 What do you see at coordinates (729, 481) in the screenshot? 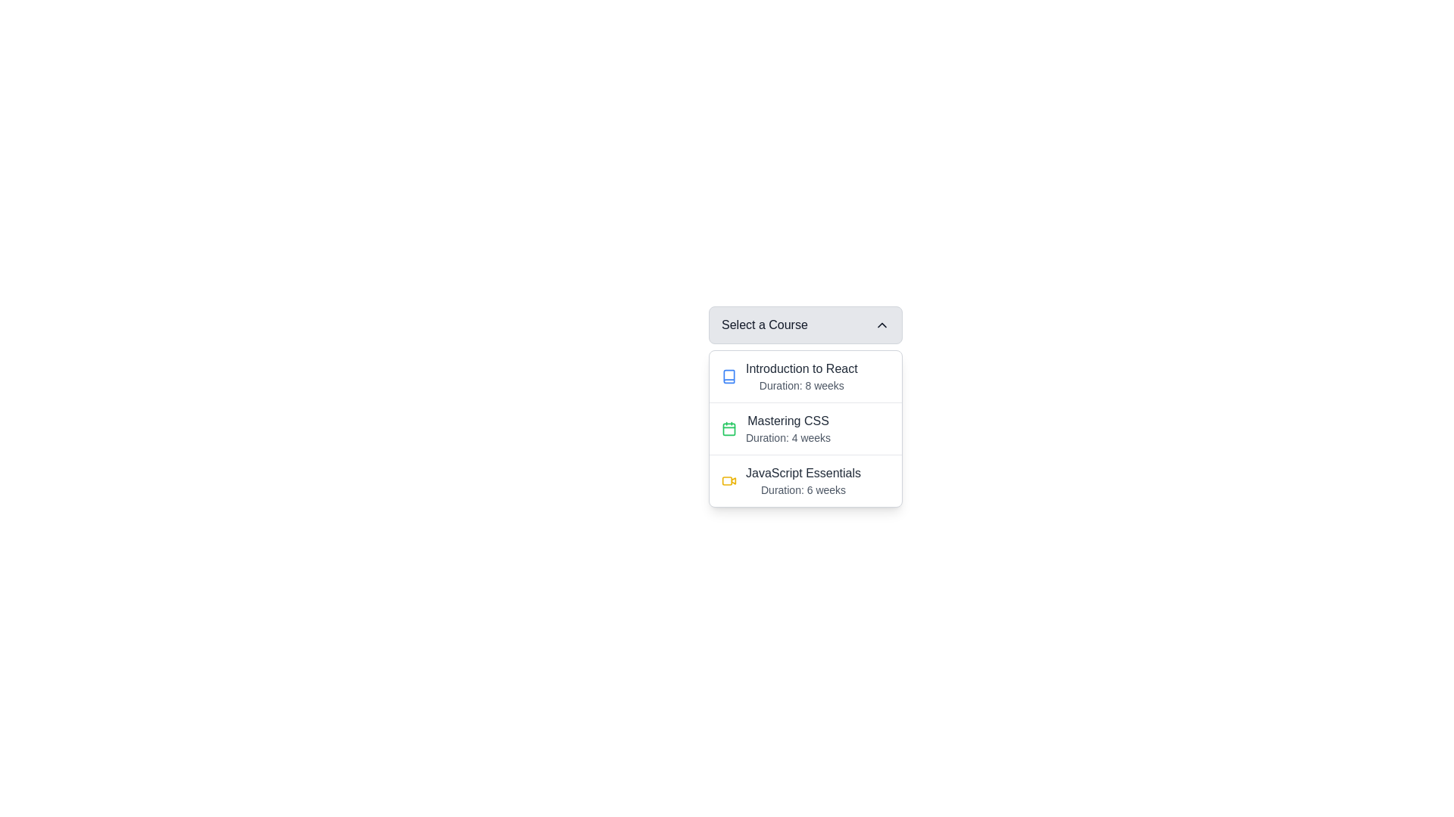
I see `the yellow video camera icon located to the immediate left of the text 'JavaScript Essentials Duration: 6 weeks.' as a visual indicator` at bounding box center [729, 481].